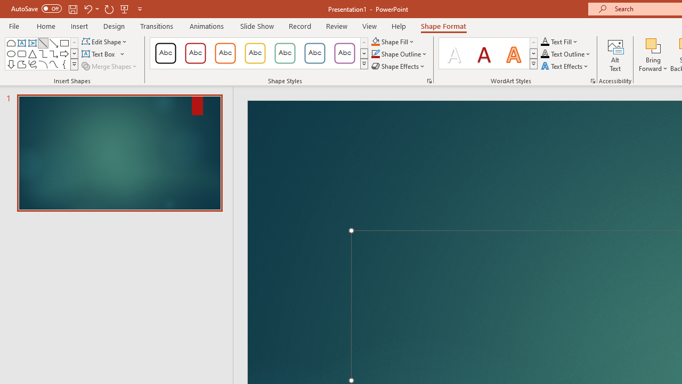 The image size is (682, 384). What do you see at coordinates (653, 55) in the screenshot?
I see `'Bring Forward'` at bounding box center [653, 55].